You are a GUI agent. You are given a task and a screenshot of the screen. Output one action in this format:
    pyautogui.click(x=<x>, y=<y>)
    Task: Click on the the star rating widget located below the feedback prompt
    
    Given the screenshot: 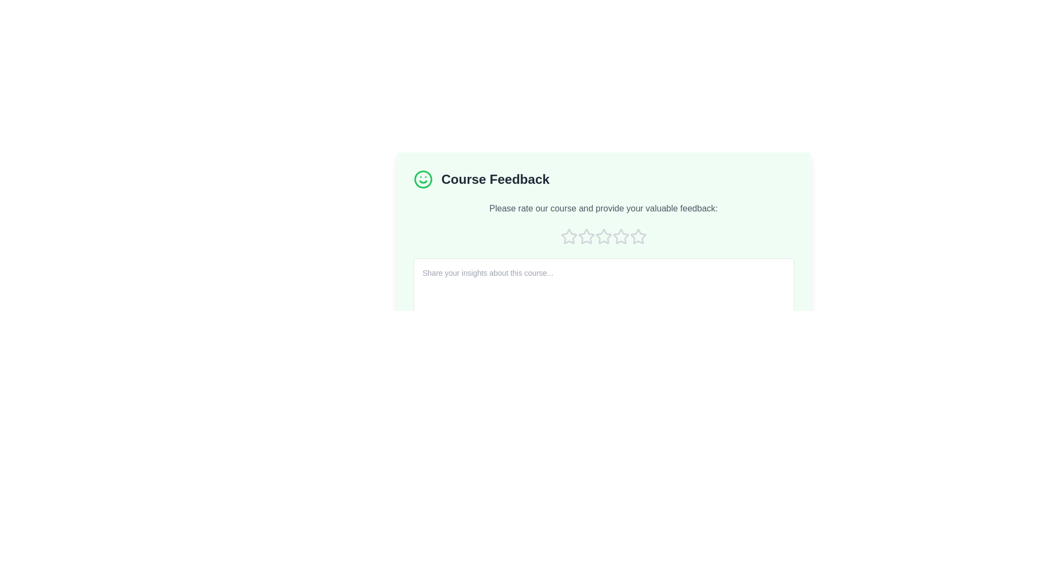 What is the action you would take?
    pyautogui.click(x=603, y=236)
    